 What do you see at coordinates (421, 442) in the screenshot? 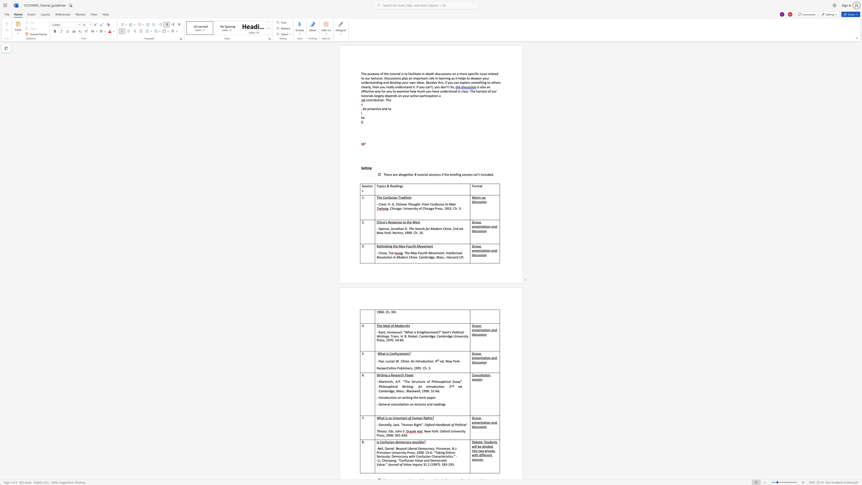
I see `the subset text "le" within the text "Is Confucian democracy possible?"` at bounding box center [421, 442].